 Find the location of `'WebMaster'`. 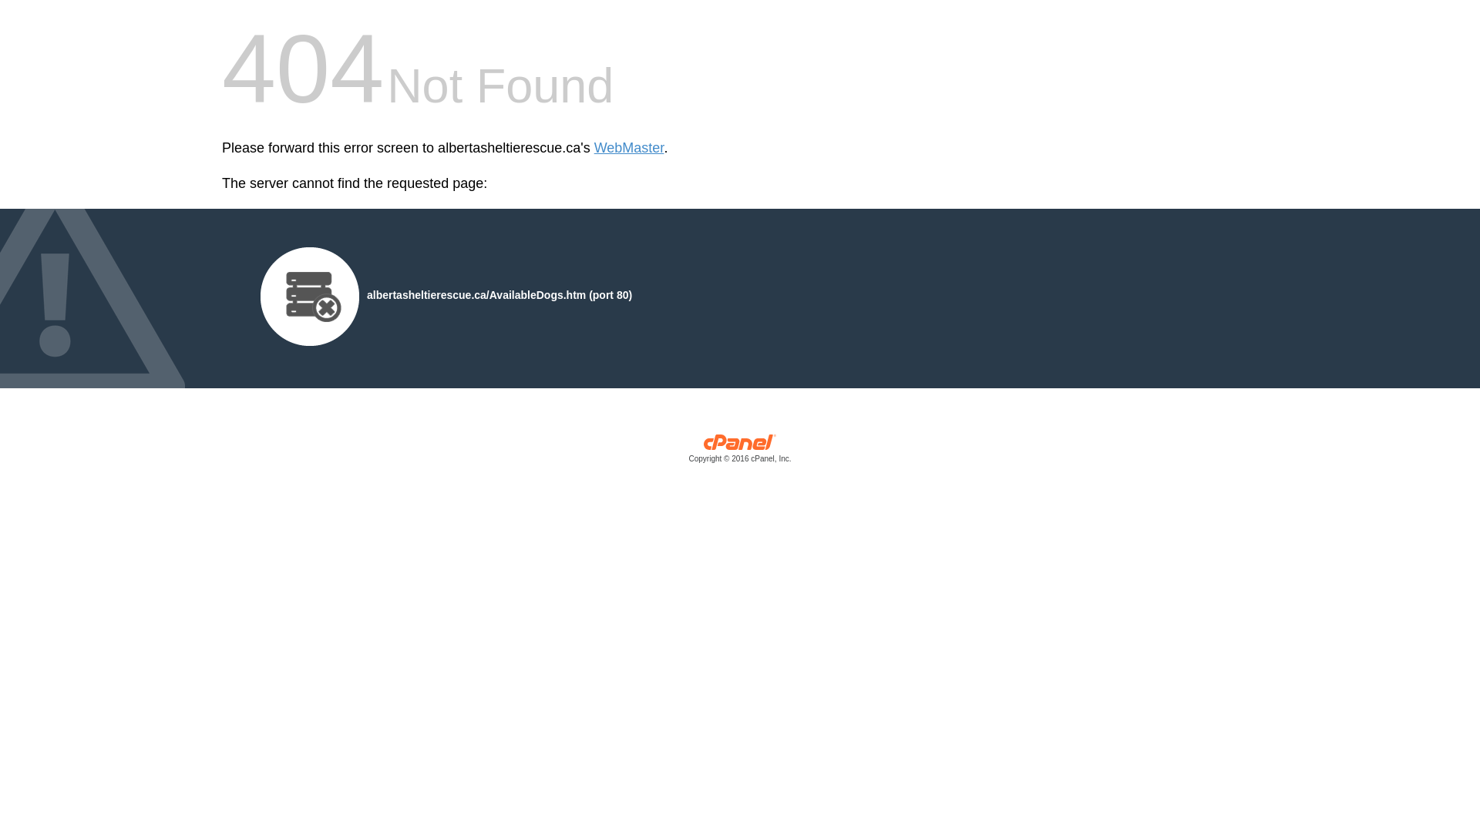

'WebMaster' is located at coordinates (594, 148).